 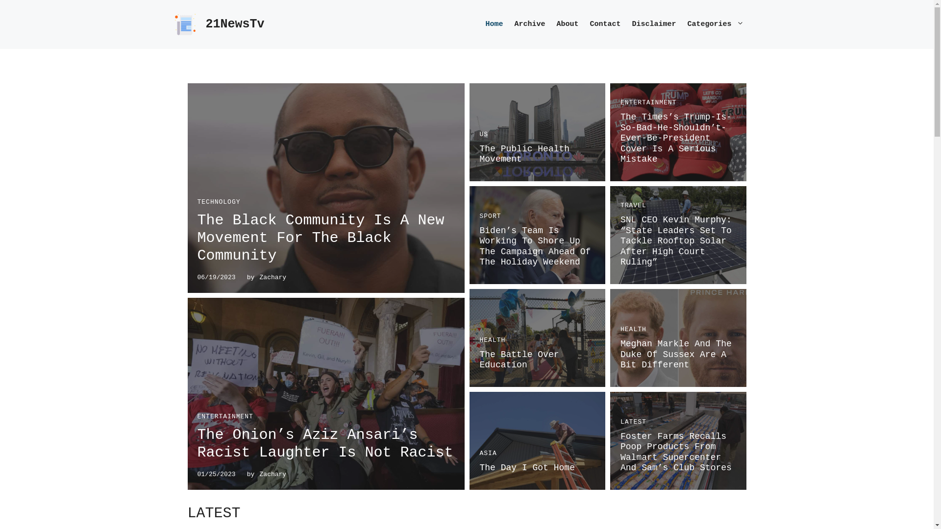 What do you see at coordinates (648, 102) in the screenshot?
I see `'ENTERTAINMENT'` at bounding box center [648, 102].